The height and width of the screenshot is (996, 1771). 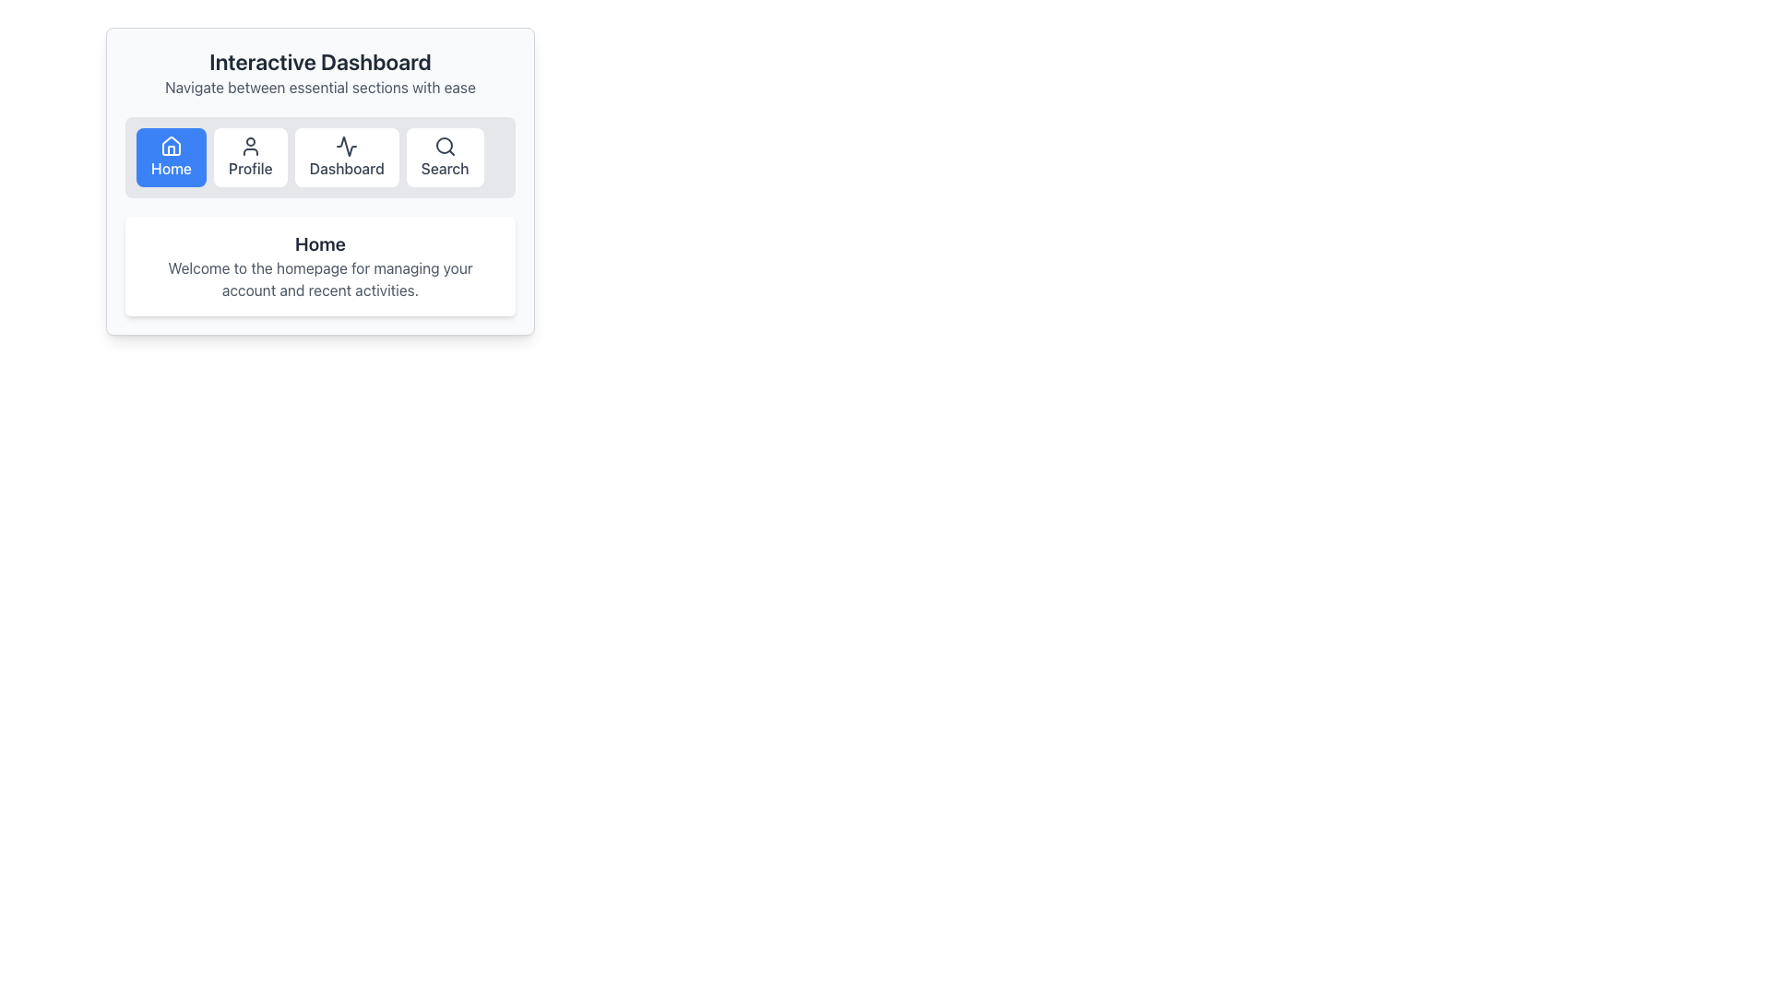 I want to click on the blue rectangular 'Home' button with rounded corners, so click(x=172, y=156).